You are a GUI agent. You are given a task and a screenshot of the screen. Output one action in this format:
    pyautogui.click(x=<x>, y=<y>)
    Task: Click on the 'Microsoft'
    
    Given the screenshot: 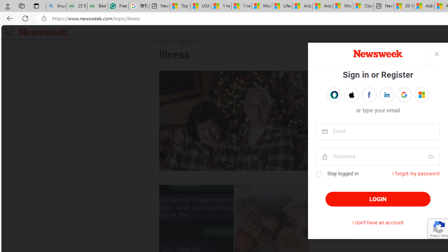 What is the action you would take?
    pyautogui.click(x=421, y=94)
    